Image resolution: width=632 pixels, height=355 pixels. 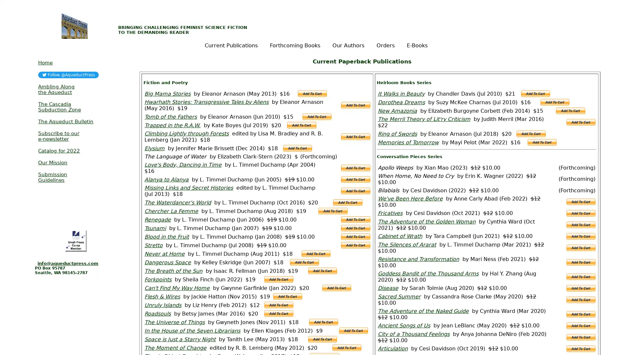 I want to click on Make payments with PayPal - it\'s fast, free and secure!, so click(x=323, y=321).